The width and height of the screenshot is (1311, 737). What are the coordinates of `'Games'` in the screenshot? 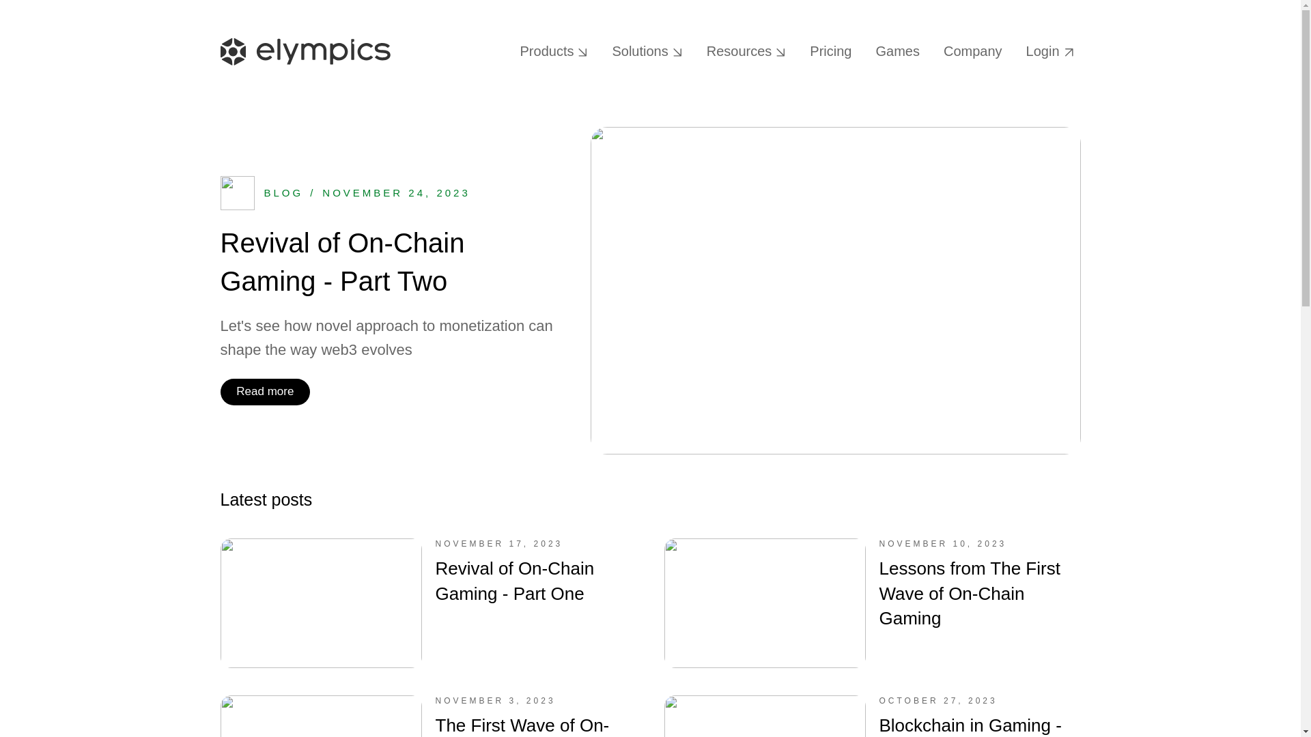 It's located at (897, 50).